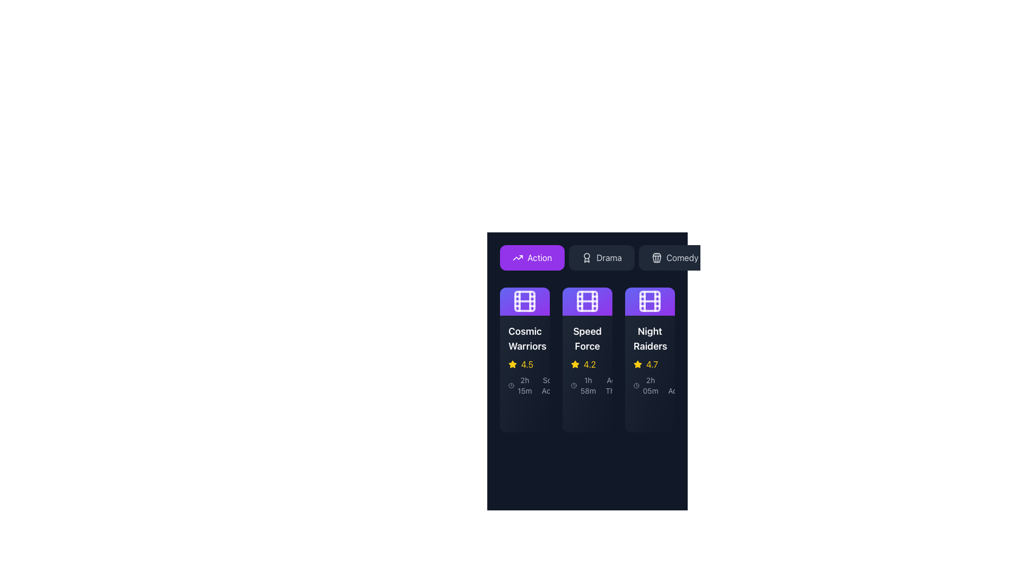 This screenshot has width=1018, height=573. I want to click on the first button in the horizontal group at the top left of the interface, which serves as a filter for 'Action' movies, so click(532, 258).